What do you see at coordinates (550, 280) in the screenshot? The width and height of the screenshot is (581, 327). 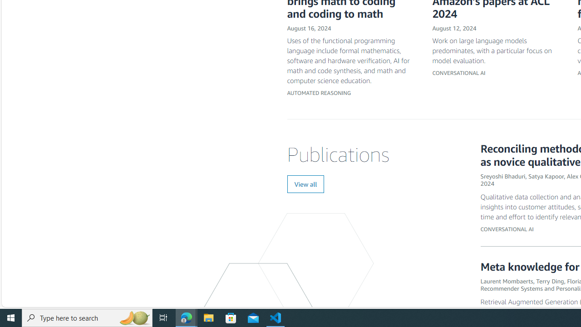 I see `'Terry Ding'` at bounding box center [550, 280].